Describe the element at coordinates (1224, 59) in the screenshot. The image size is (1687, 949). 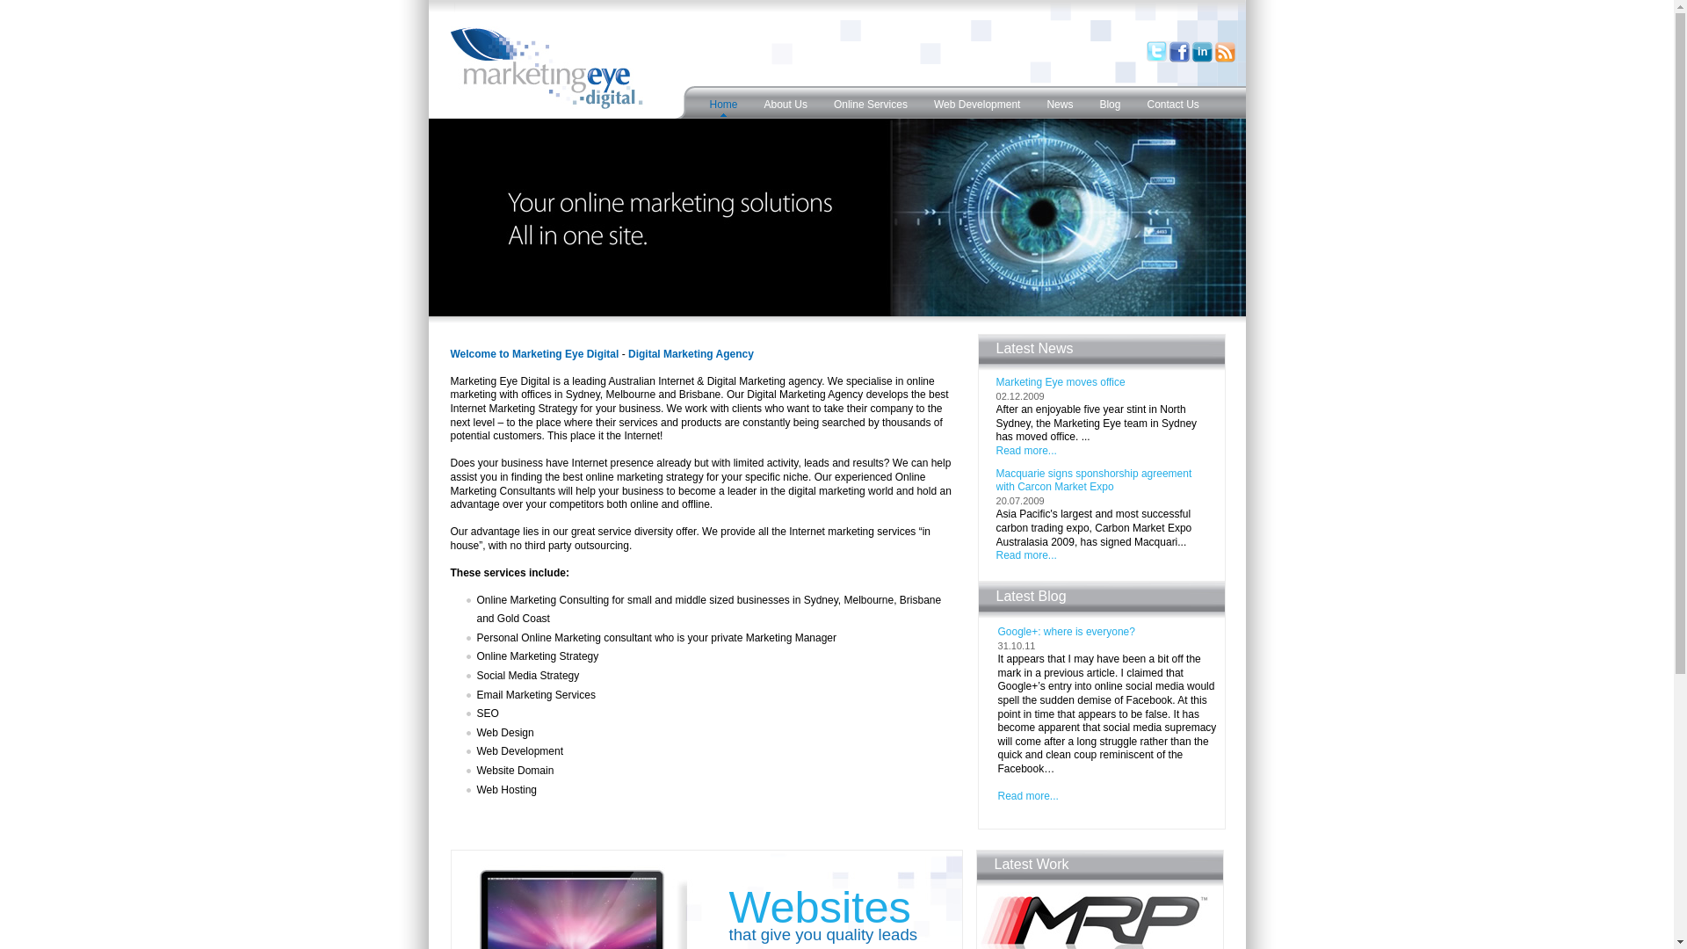
I see `'Subscribe to RSS Feed'` at that location.